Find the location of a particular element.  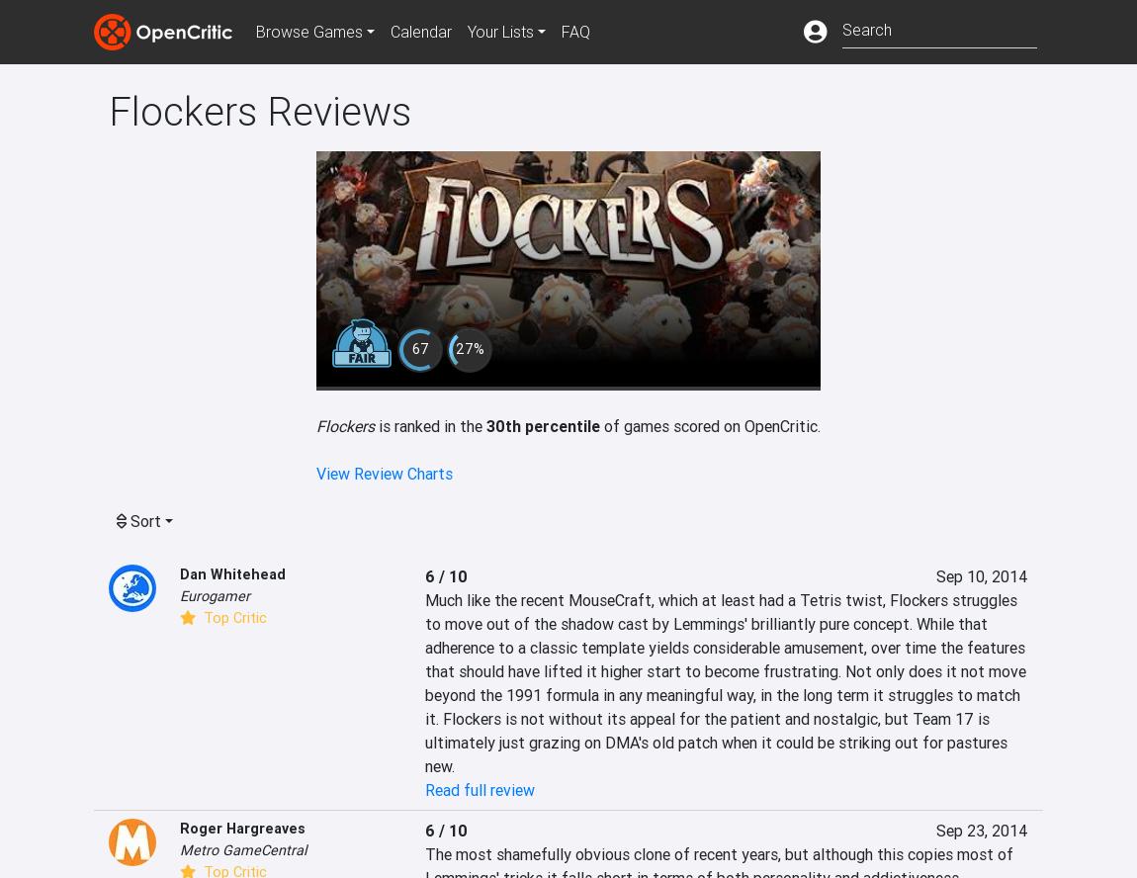

'View Review Charts' is located at coordinates (385, 473).